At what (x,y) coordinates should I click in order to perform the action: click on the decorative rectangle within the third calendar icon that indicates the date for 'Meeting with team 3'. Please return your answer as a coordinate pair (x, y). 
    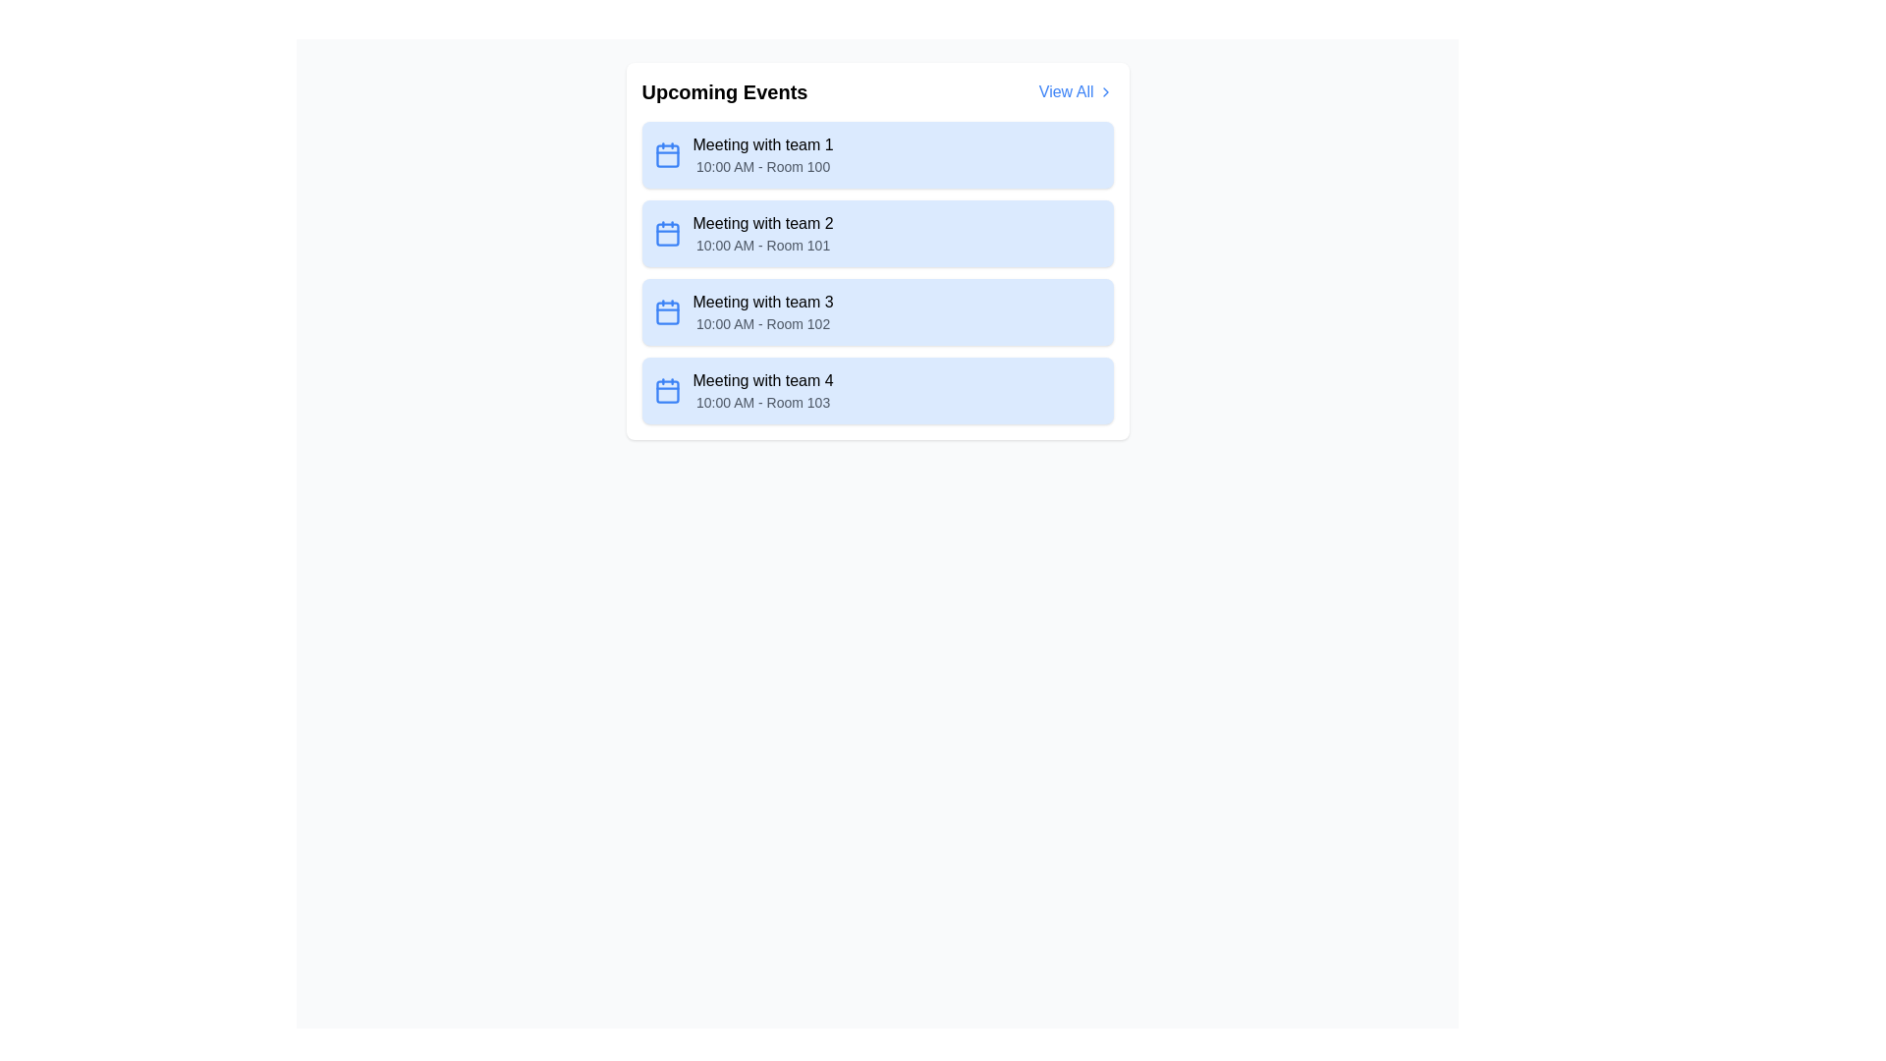
    Looking at the image, I should click on (667, 312).